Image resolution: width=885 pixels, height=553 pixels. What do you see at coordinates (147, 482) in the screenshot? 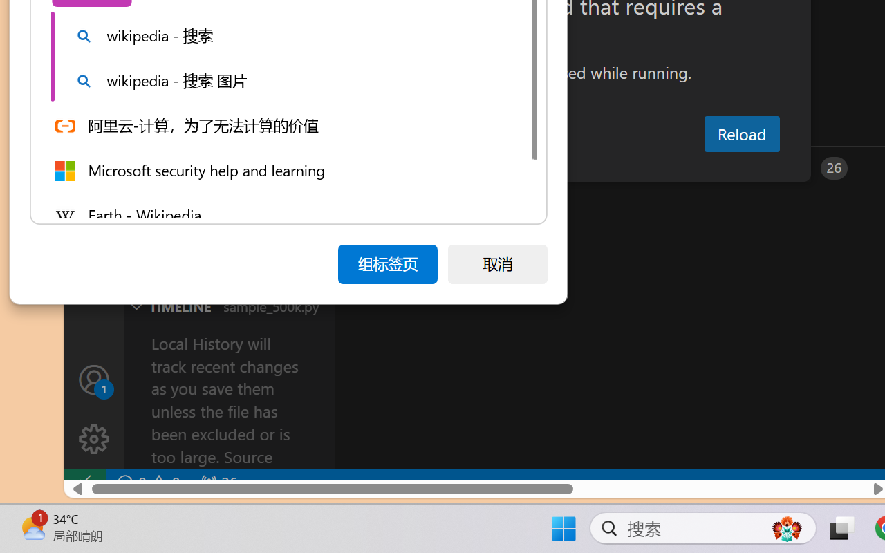
I see `'No Problems'` at bounding box center [147, 482].